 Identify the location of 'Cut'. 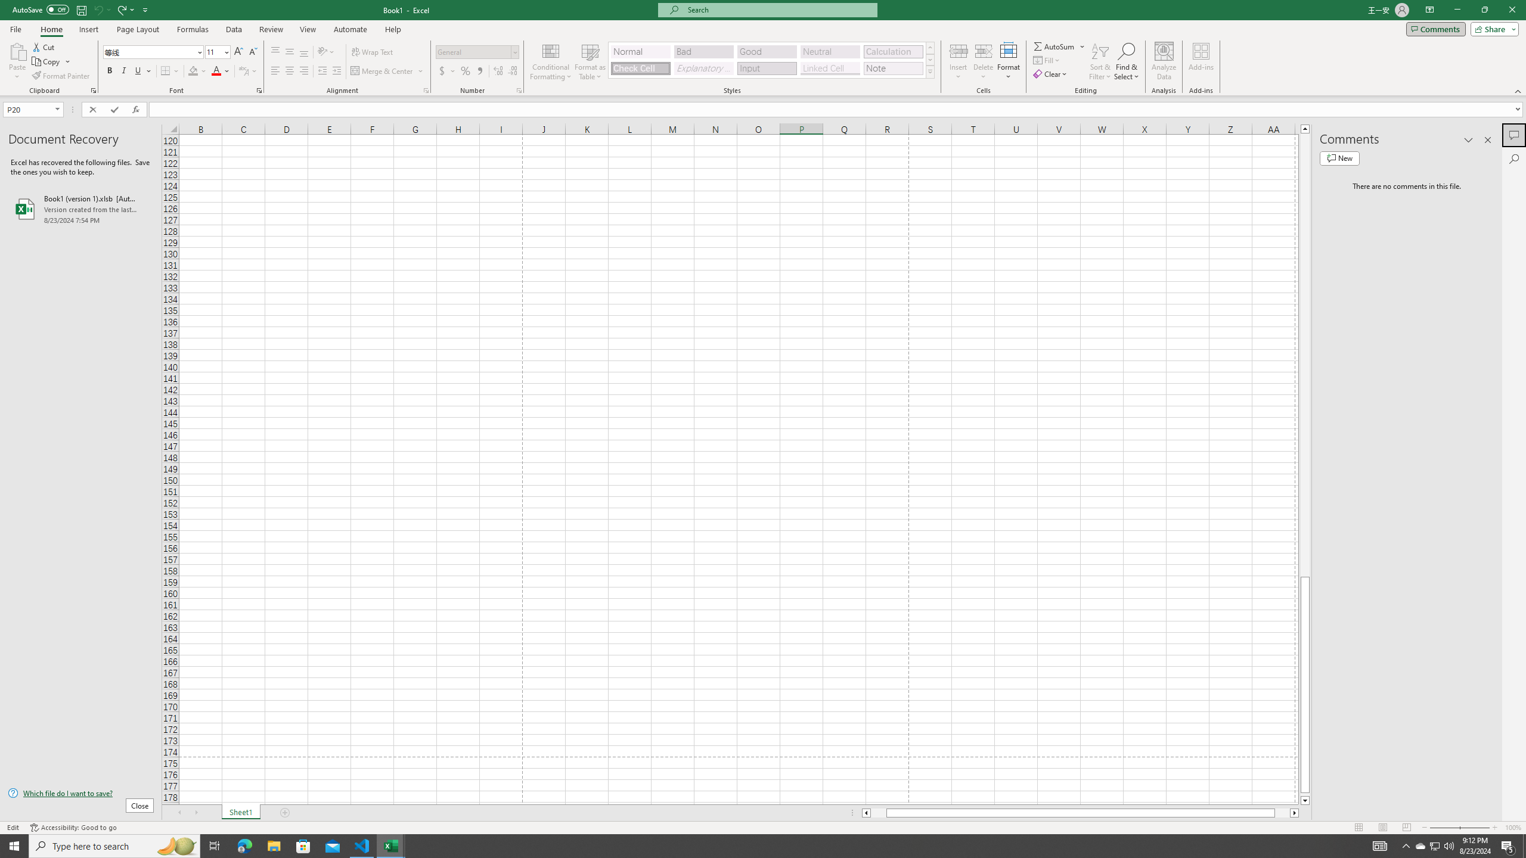
(44, 46).